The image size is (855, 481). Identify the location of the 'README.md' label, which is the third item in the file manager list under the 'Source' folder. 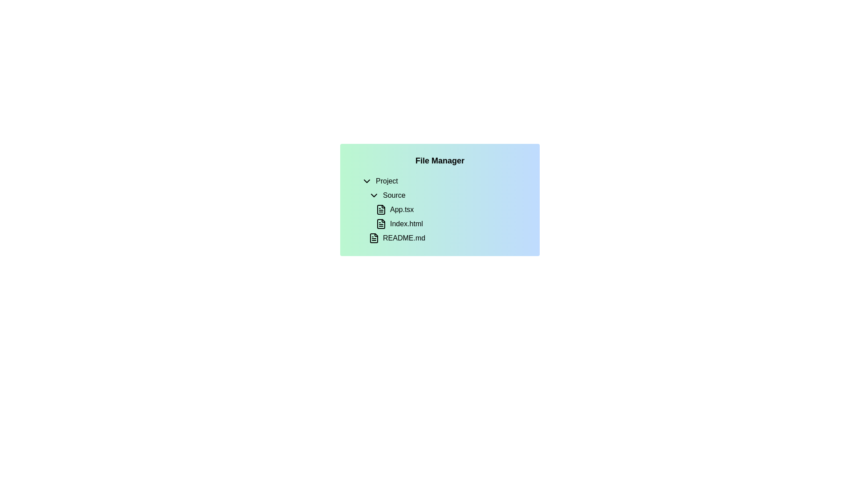
(403, 238).